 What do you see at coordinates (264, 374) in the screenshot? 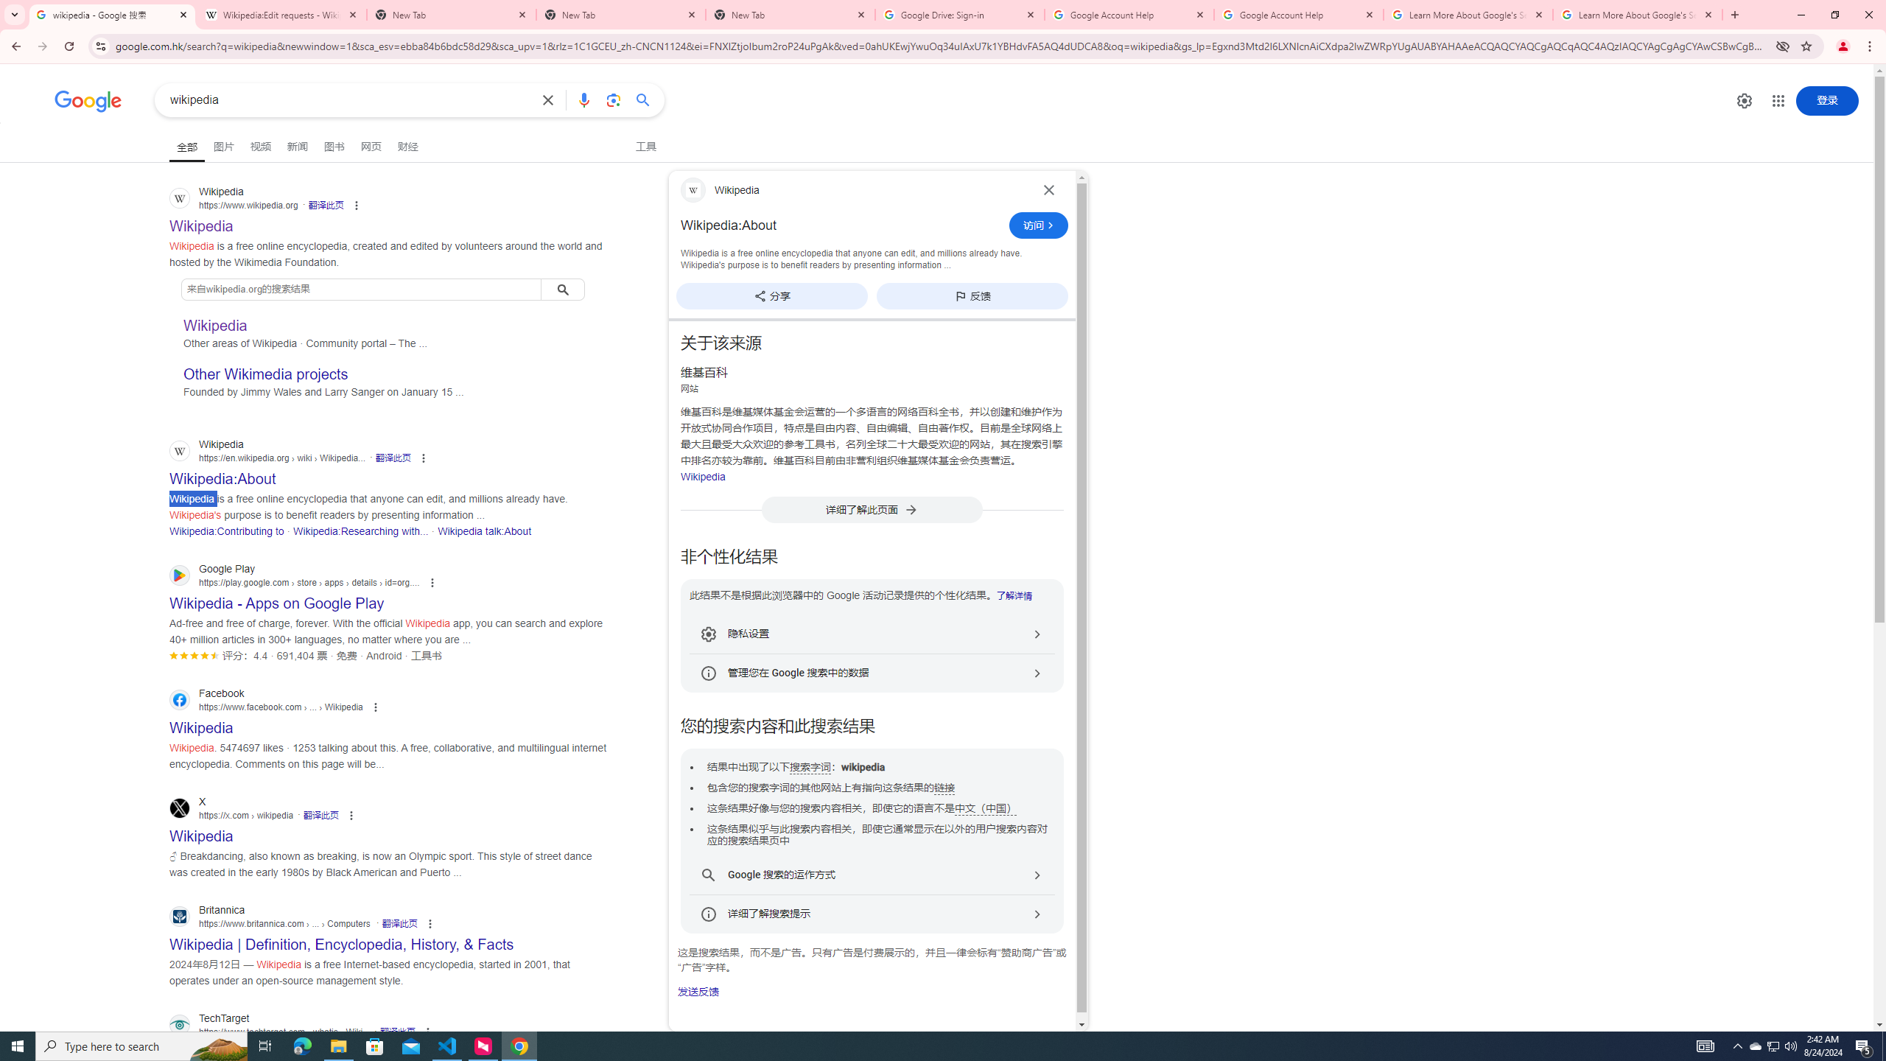
I see `'Other Wikimedia projects'` at bounding box center [264, 374].